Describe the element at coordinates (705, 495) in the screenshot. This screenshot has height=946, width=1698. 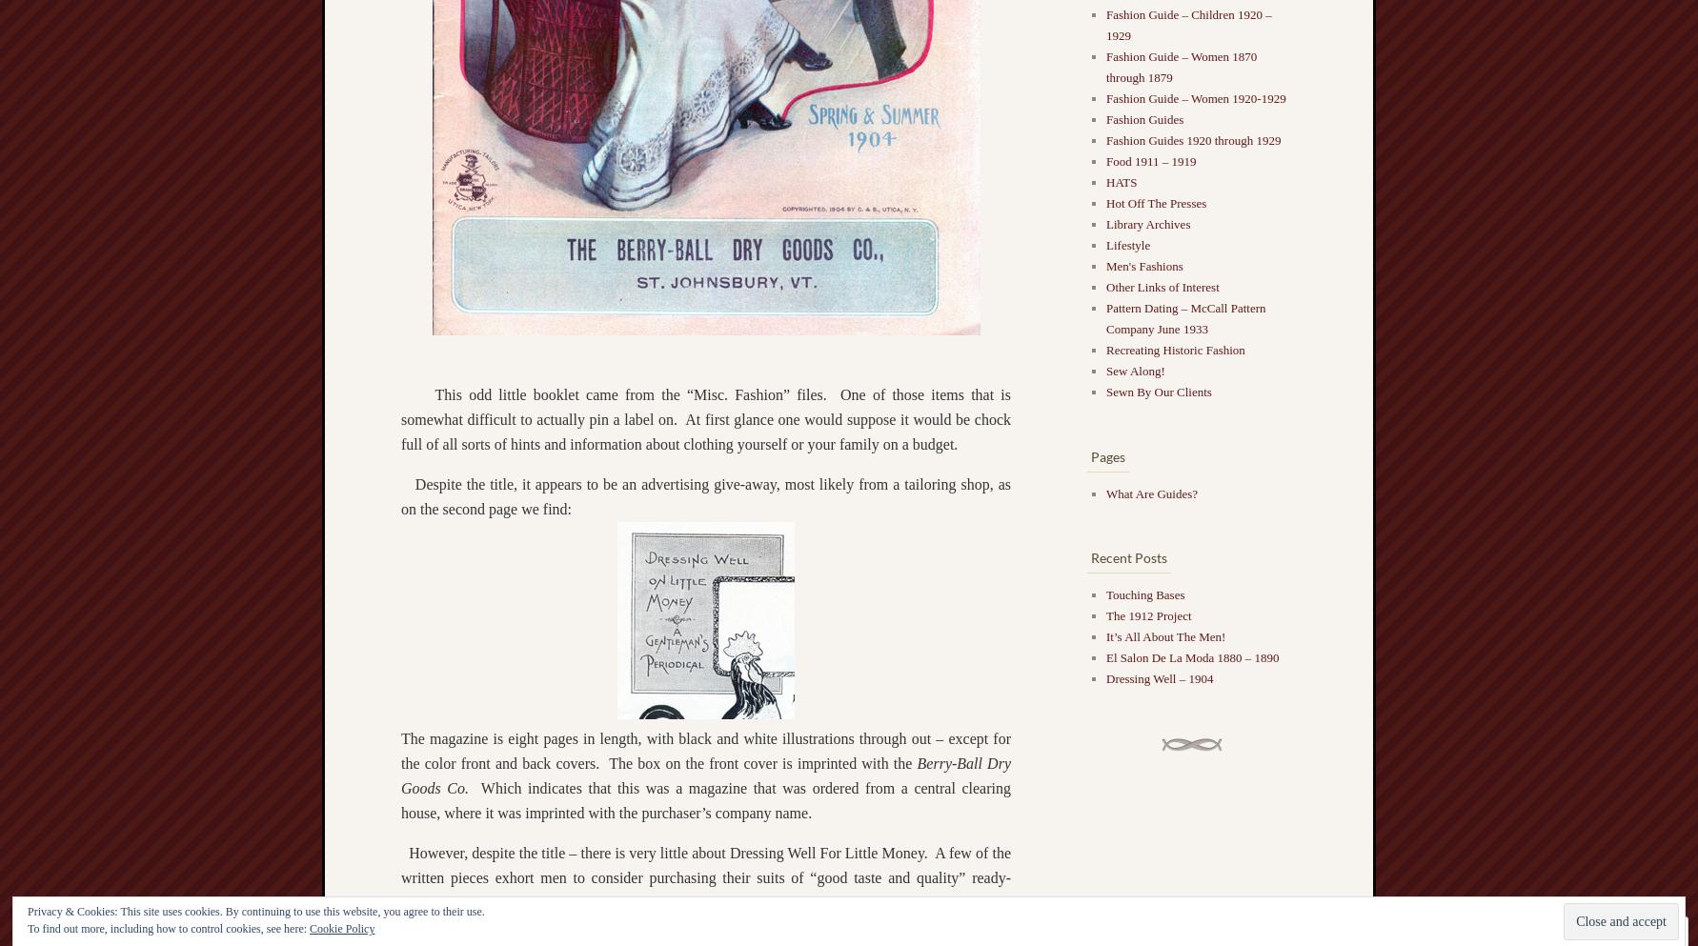
I see `'Despite the title, it appears to be an advertising give-away, most likely from a tailoring shop, as on the second page we find:'` at that location.